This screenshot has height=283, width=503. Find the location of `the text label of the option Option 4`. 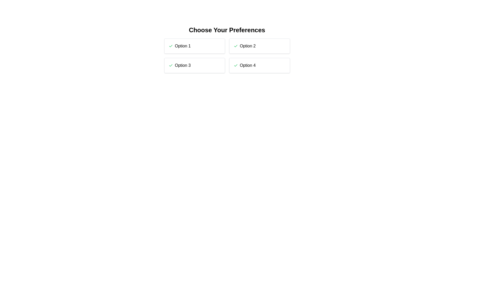

the text label of the option Option 4 is located at coordinates (247, 65).